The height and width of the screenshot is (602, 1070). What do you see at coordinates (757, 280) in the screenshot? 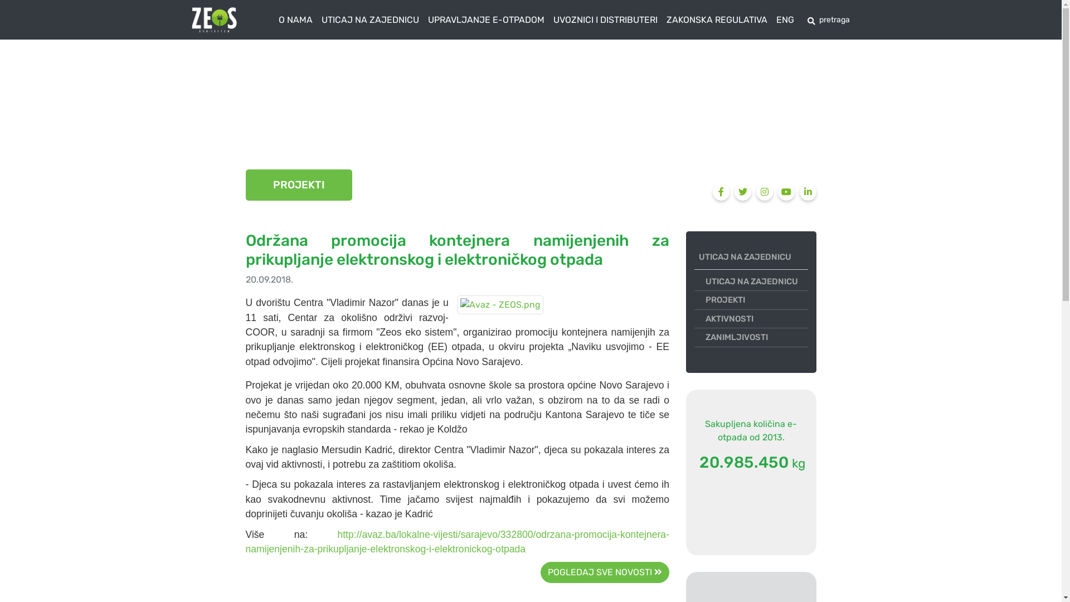
I see `'UTICAJ NA ZAJEDNICU'` at bounding box center [757, 280].